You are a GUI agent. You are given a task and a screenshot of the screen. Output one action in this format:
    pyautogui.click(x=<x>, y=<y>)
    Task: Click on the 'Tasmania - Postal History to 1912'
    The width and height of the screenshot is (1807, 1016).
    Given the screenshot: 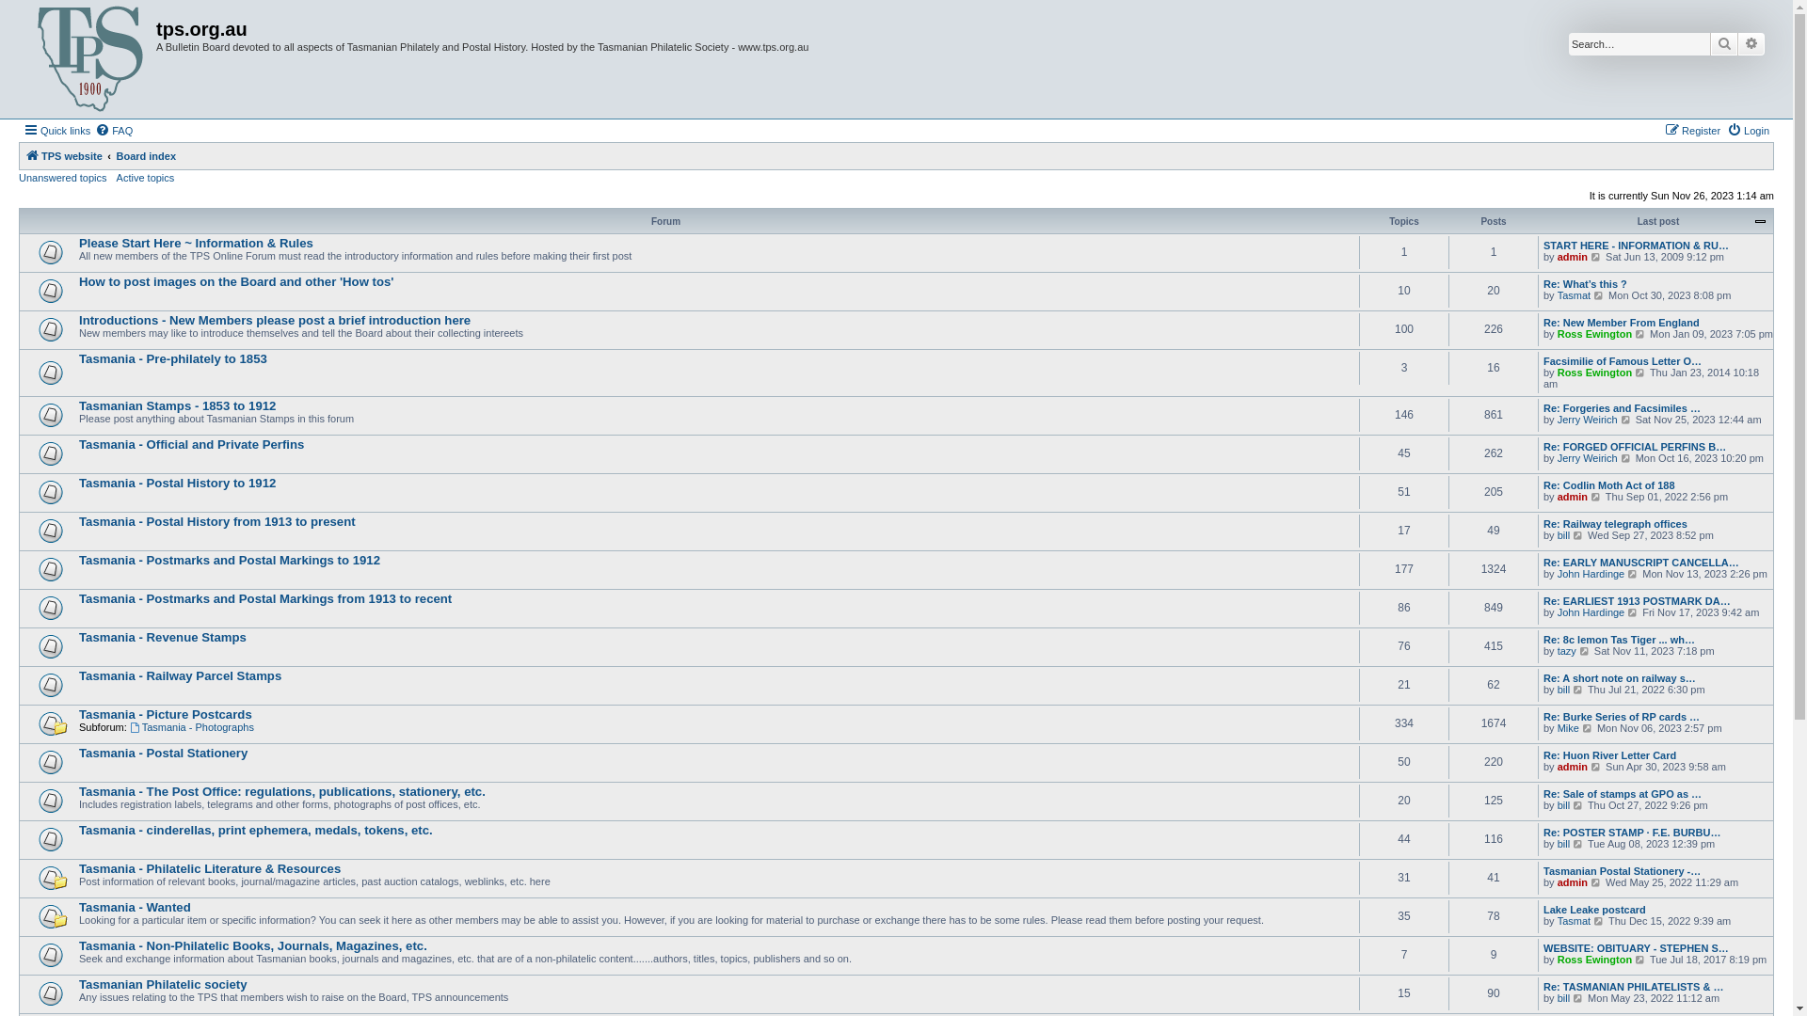 What is the action you would take?
    pyautogui.click(x=177, y=482)
    